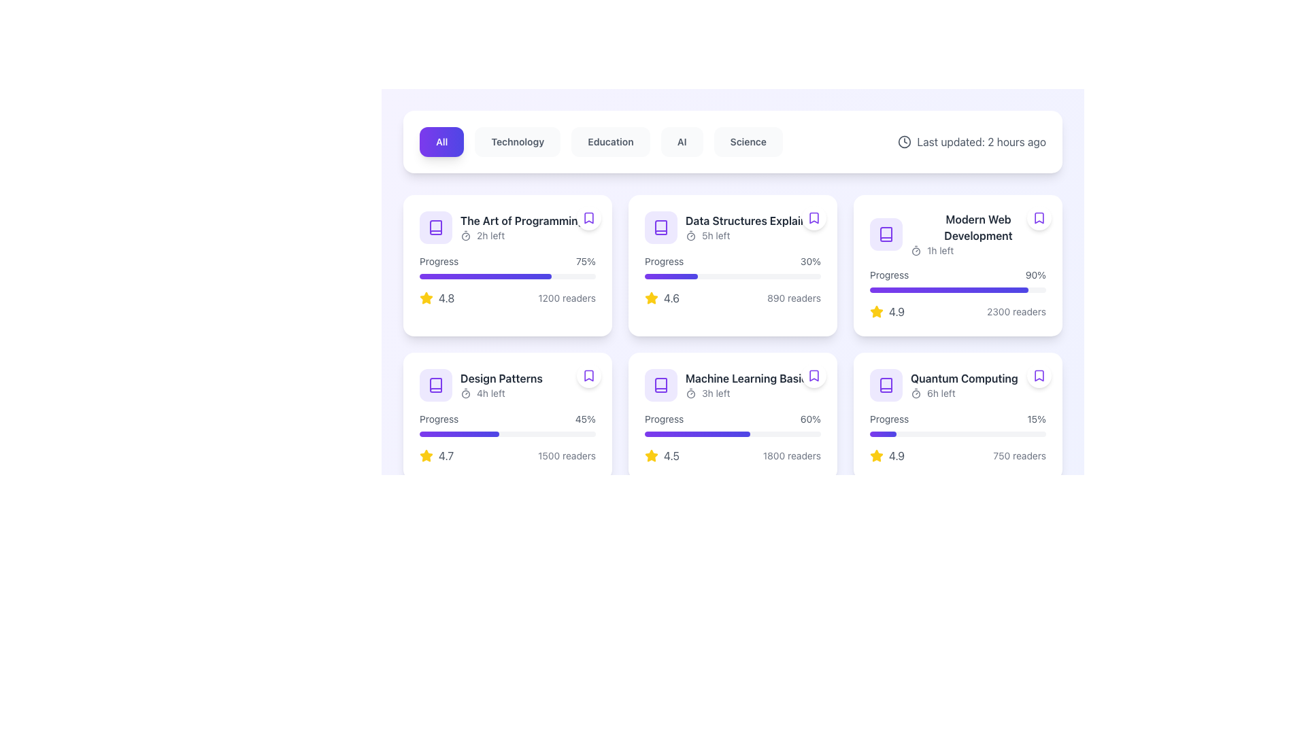 This screenshot has width=1306, height=734. What do you see at coordinates (732, 227) in the screenshot?
I see `text from the Informative Card Header Section, which provides details such as title and time left, located in the second column of the first row of cards` at bounding box center [732, 227].